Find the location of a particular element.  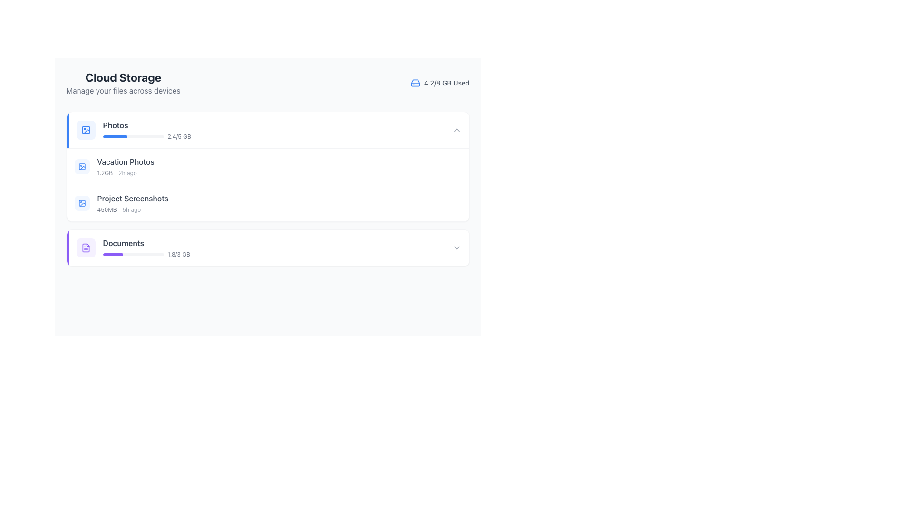

the text label displaying the summary of storage usage located in the top-right corner of the interface, next to the blue hard-drive icon is located at coordinates (446, 82).